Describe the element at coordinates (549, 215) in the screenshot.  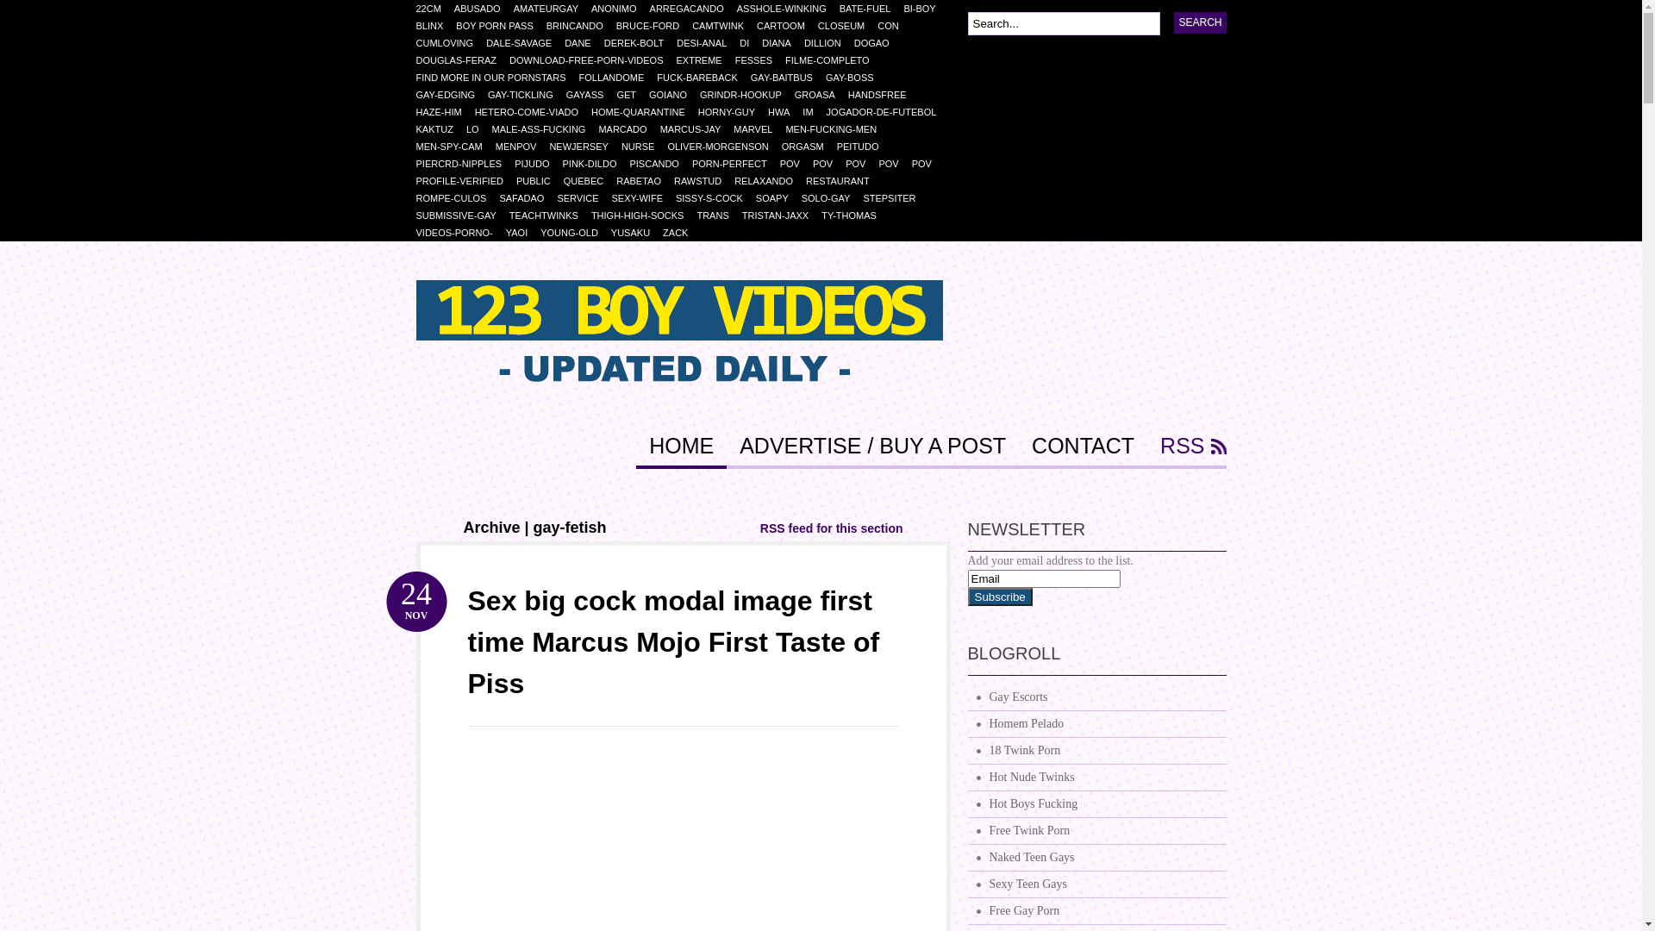
I see `'TEACHTWINKS'` at that location.